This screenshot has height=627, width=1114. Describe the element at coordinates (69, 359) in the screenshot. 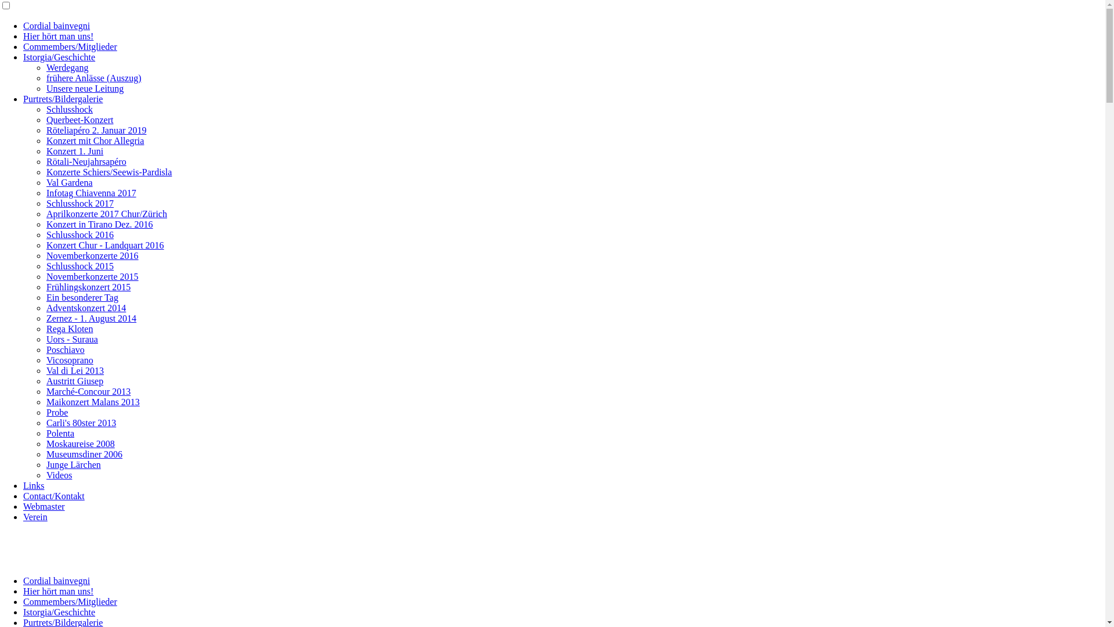

I see `'Vicosoprano'` at that location.